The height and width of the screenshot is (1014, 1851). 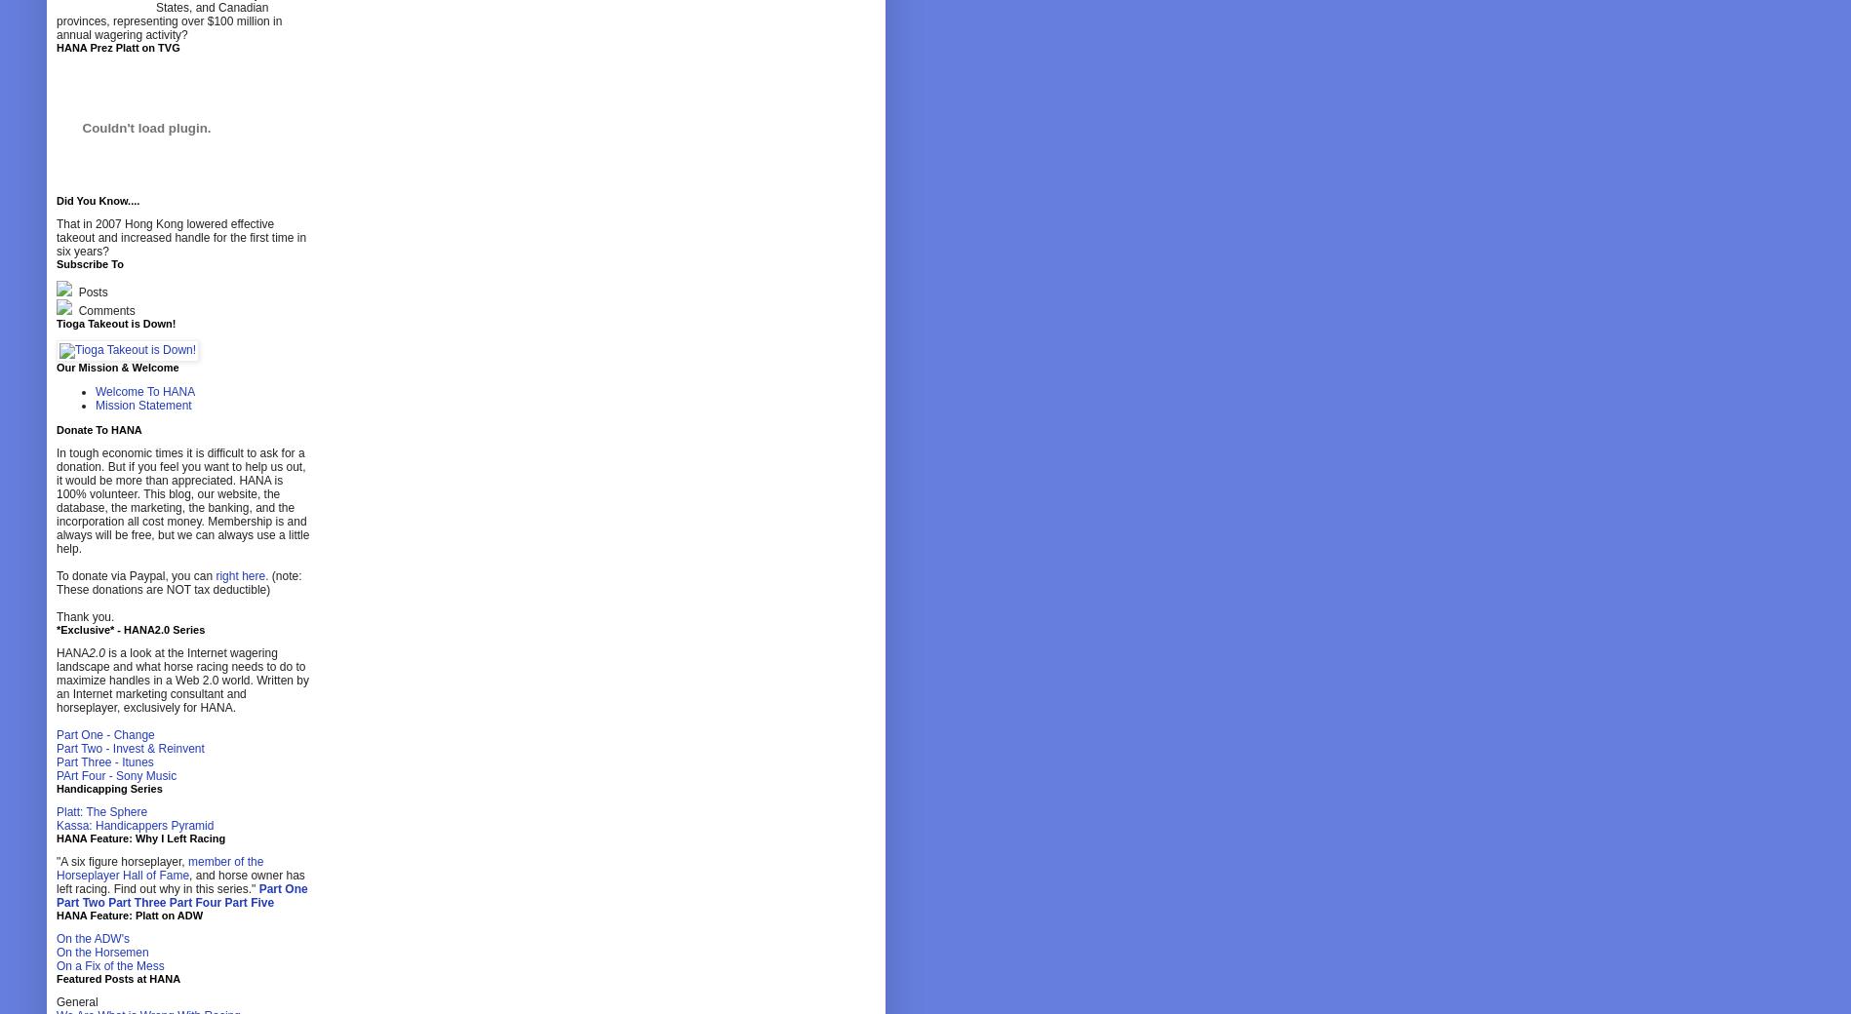 What do you see at coordinates (158, 867) in the screenshot?
I see `'member of the Horseplayer Hall of Fame'` at bounding box center [158, 867].